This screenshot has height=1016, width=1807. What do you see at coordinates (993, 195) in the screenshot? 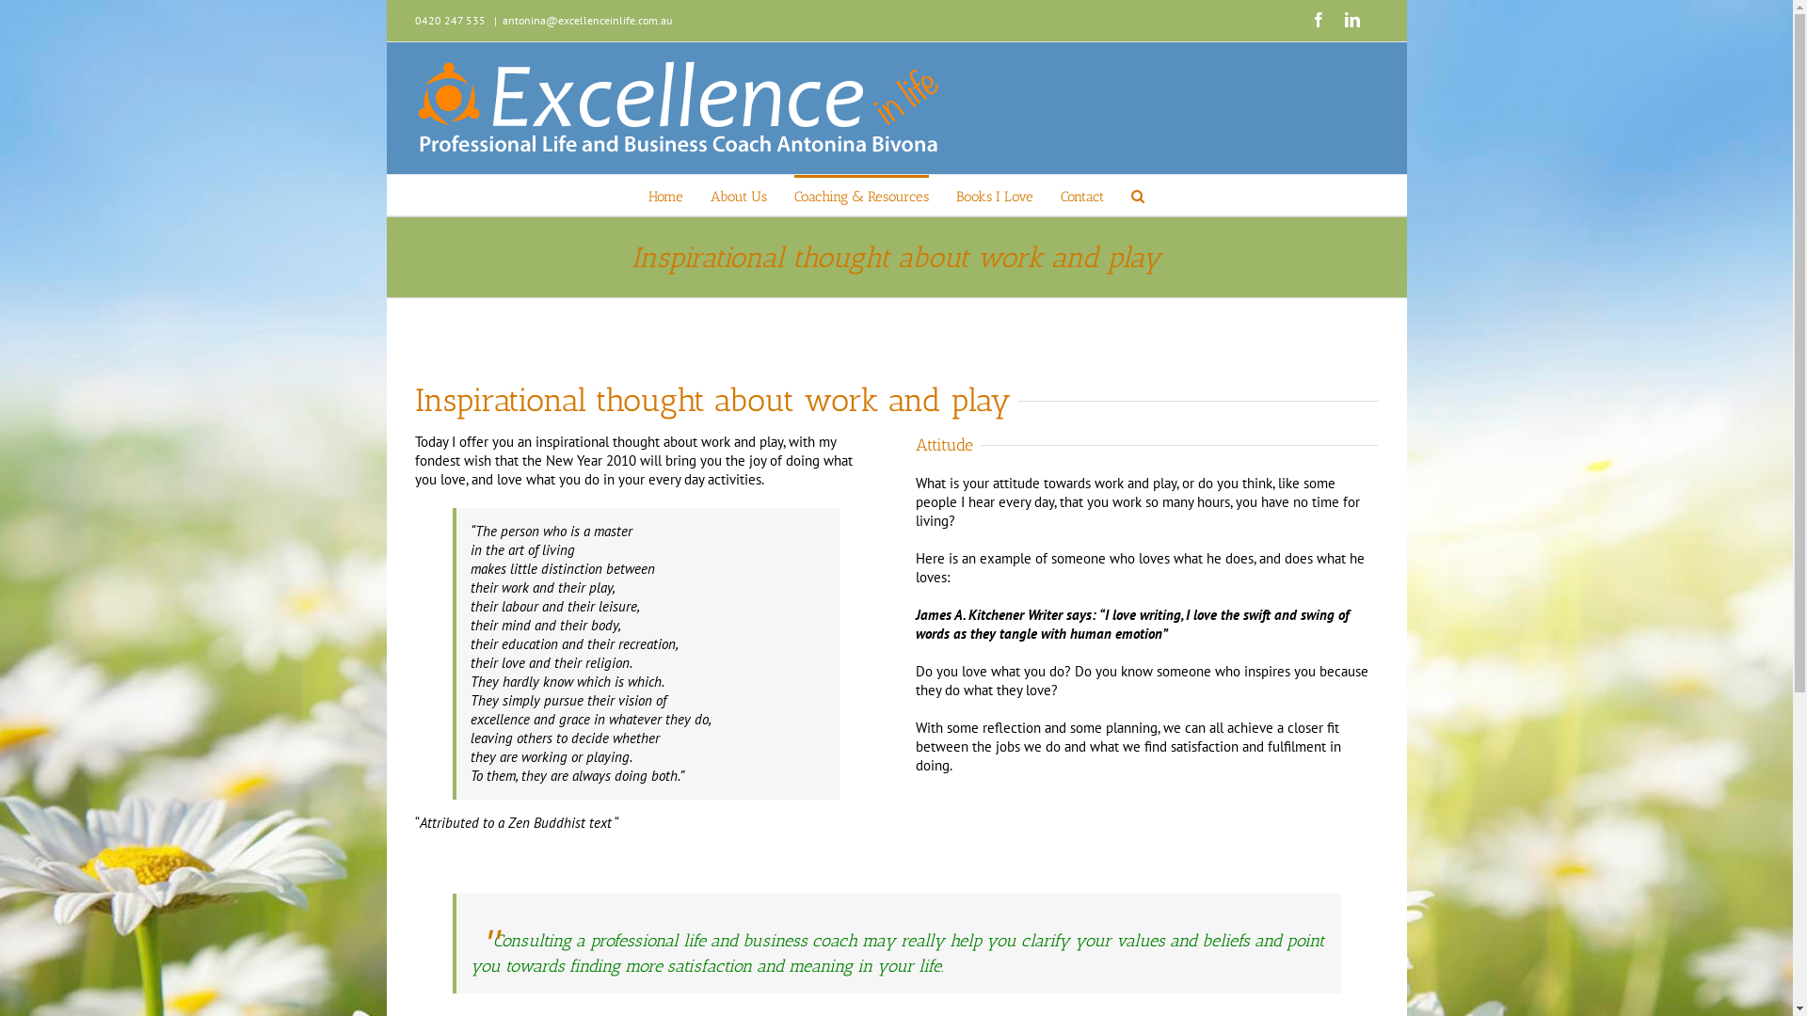
I see `'Books I Love'` at bounding box center [993, 195].